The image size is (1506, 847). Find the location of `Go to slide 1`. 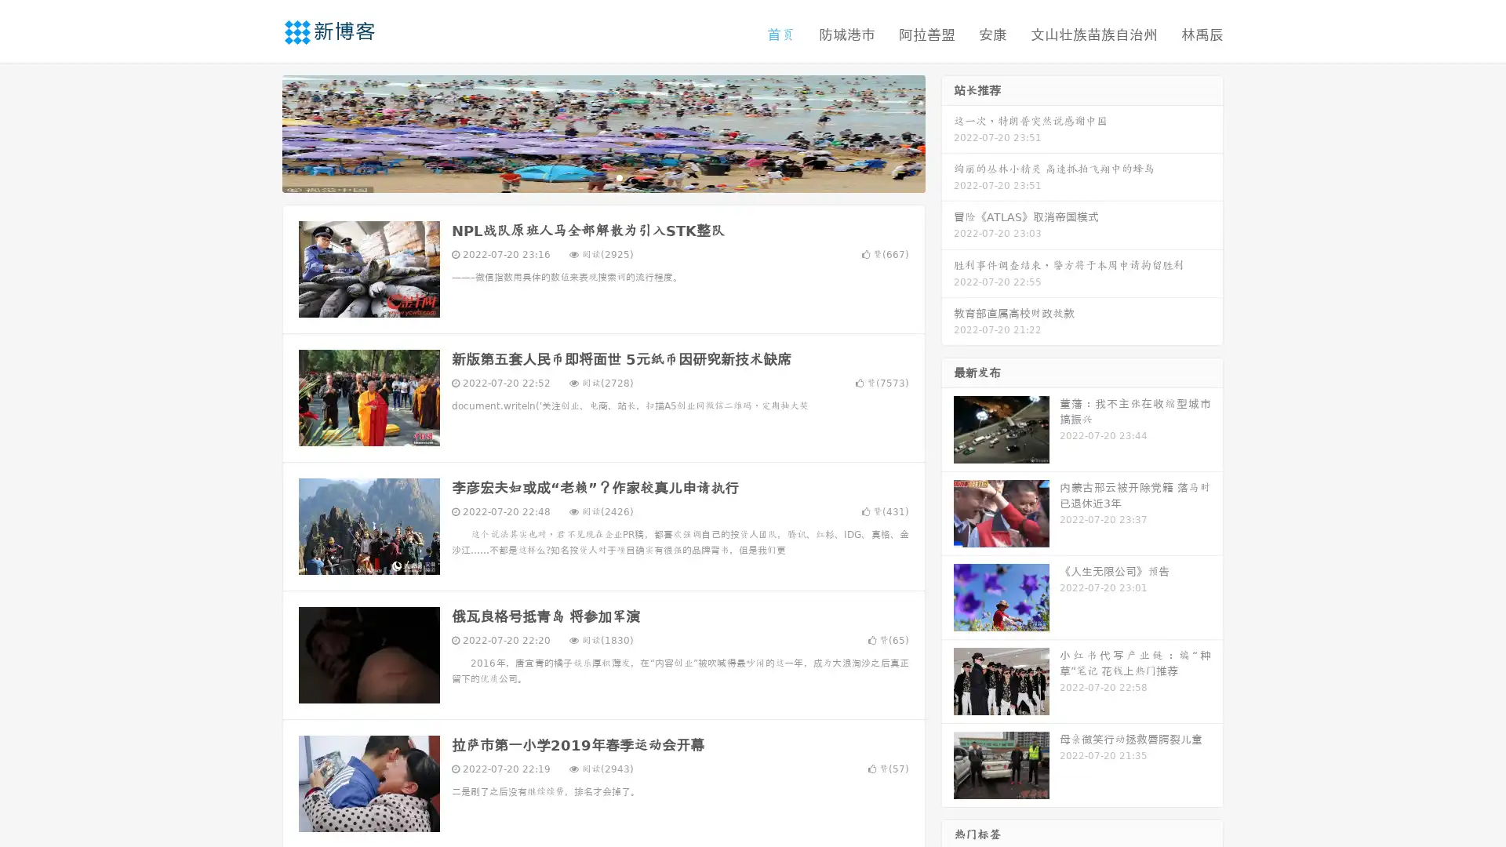

Go to slide 1 is located at coordinates (587, 176).